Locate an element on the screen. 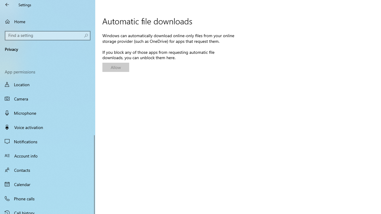 This screenshot has width=381, height=214. 'Location' is located at coordinates (48, 85).